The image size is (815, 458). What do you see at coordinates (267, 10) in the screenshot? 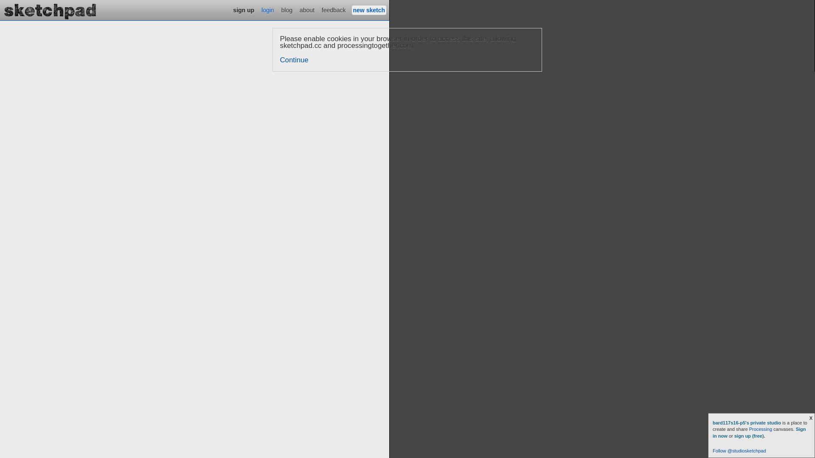
I see `'login'` at bounding box center [267, 10].